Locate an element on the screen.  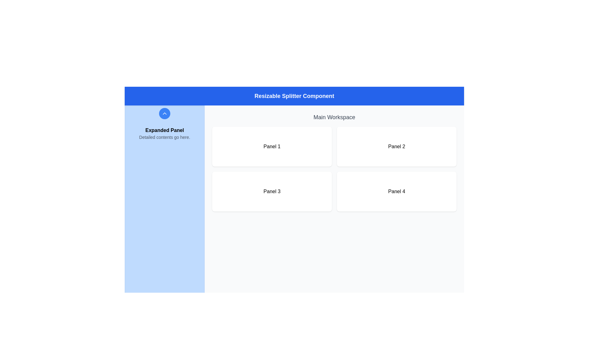
text contained within the static text element that has a blue background and displays 'Expanded Panel' and 'Detailed contents go here' in a vertically stacked sidebar is located at coordinates (165, 133).